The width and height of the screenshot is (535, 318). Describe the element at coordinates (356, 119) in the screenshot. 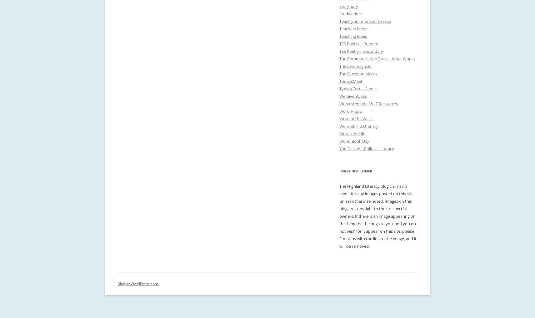

I see `'Word of the Week'` at that location.